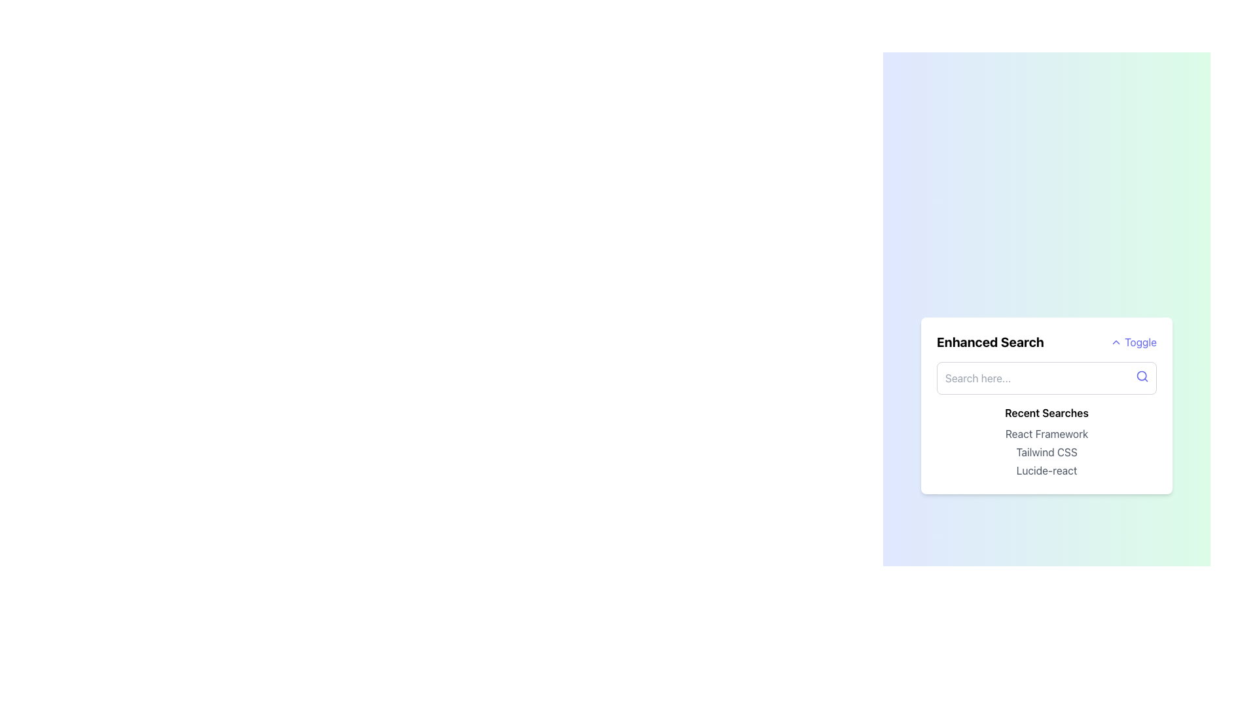 This screenshot has width=1257, height=707. Describe the element at coordinates (1046, 442) in the screenshot. I see `the 'Recent Searches' text content block which displays a title in bold followed by a list of entries including 'React Framework,' 'Tailwind CSS,' and 'Lucide-react.'` at that location.